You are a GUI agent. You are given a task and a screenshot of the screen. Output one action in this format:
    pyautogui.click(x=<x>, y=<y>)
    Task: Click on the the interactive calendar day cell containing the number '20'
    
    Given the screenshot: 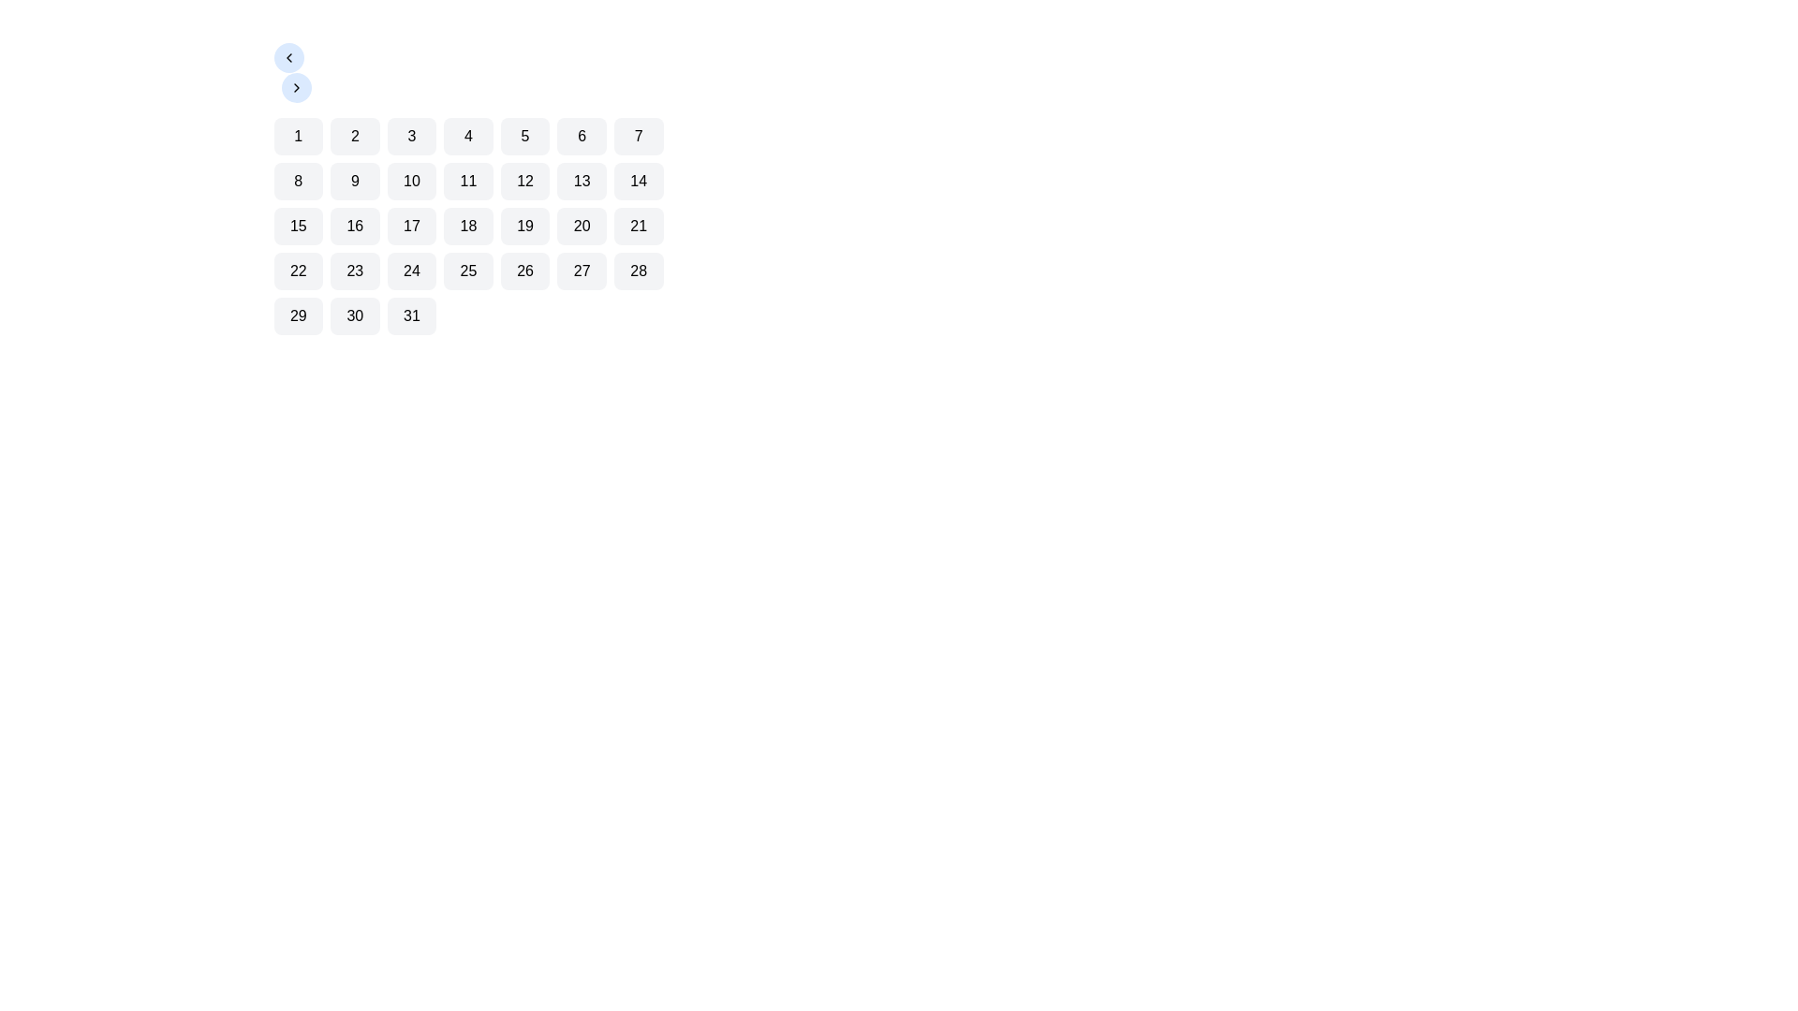 What is the action you would take?
    pyautogui.click(x=581, y=226)
    